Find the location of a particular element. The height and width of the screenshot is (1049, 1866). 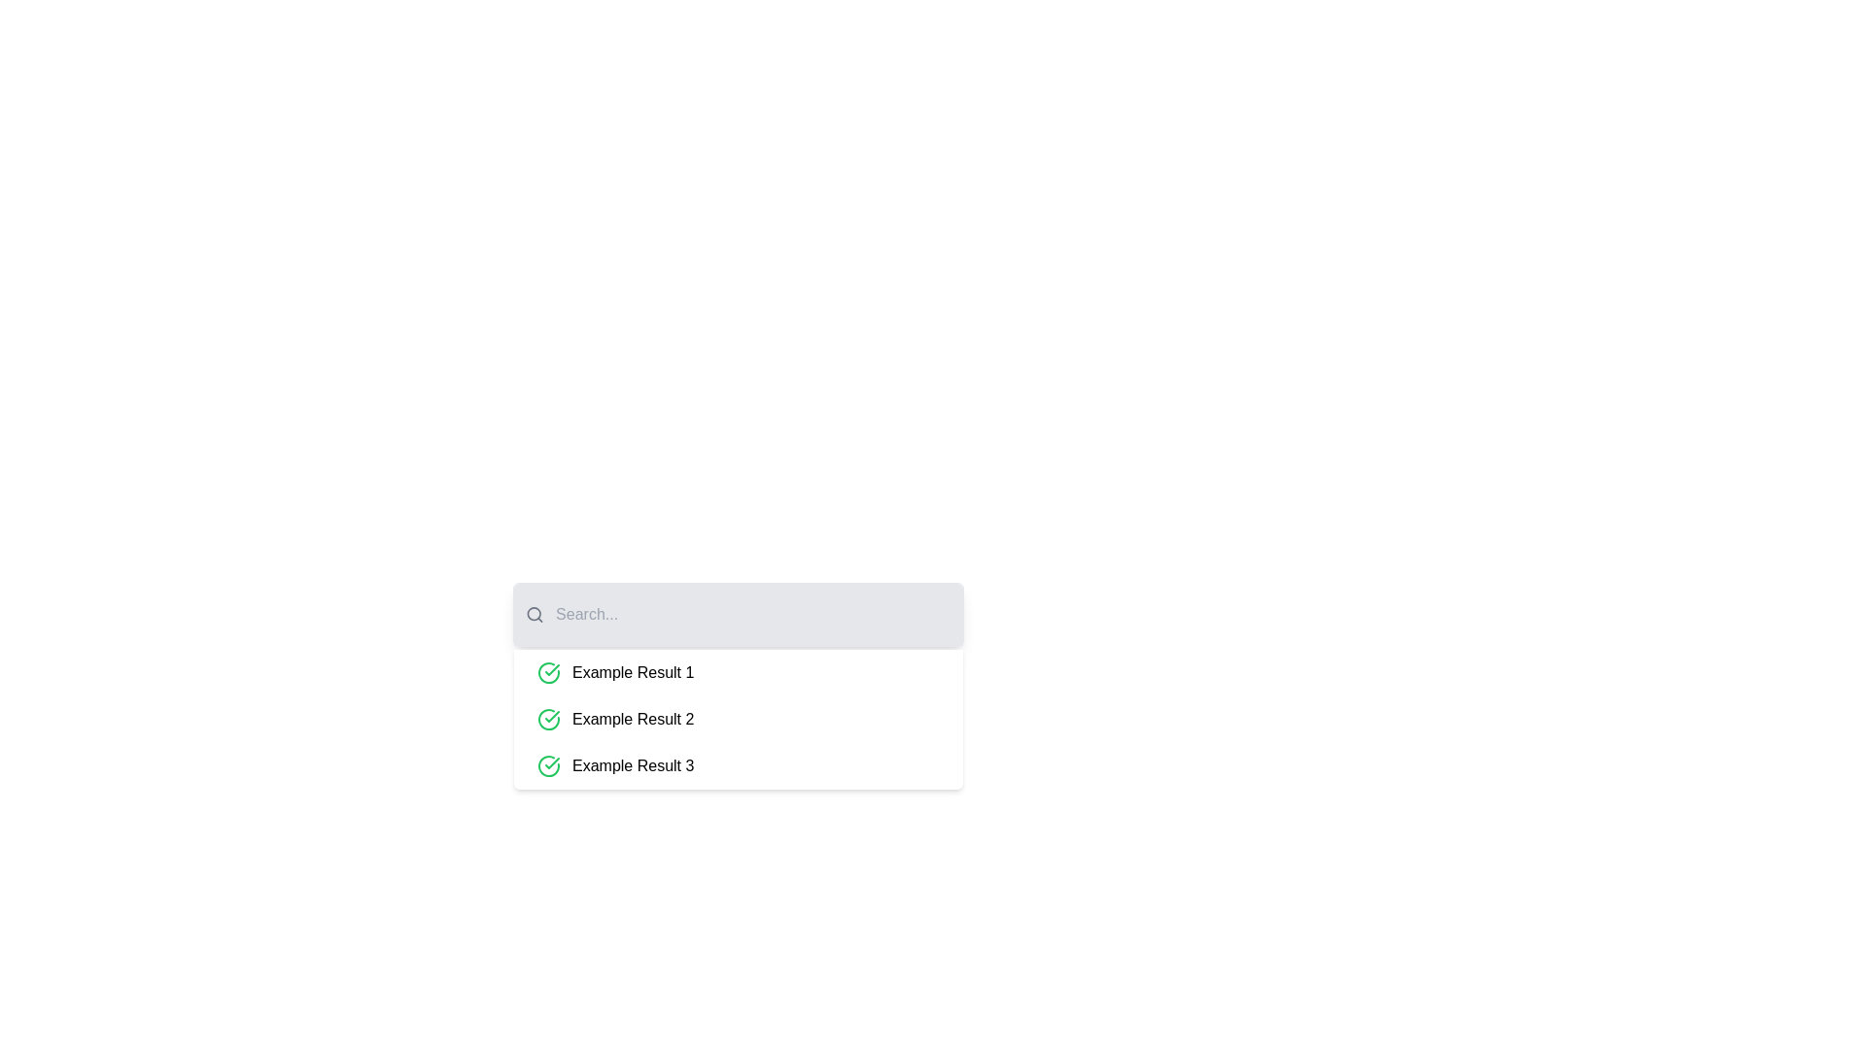

the search icon located on the left side of the search bar to focus the search input field is located at coordinates (535, 614).